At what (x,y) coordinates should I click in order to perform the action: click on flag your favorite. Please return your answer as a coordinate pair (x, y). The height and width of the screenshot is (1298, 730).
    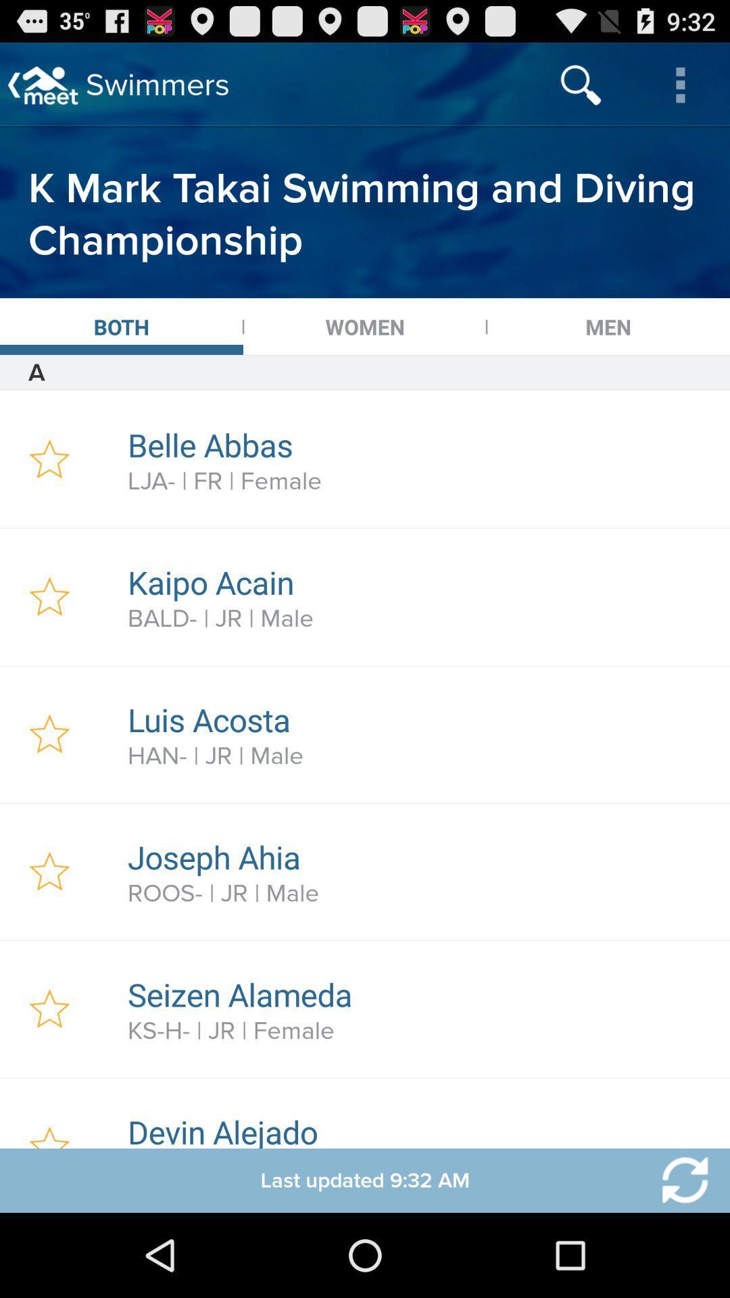
    Looking at the image, I should click on (49, 1009).